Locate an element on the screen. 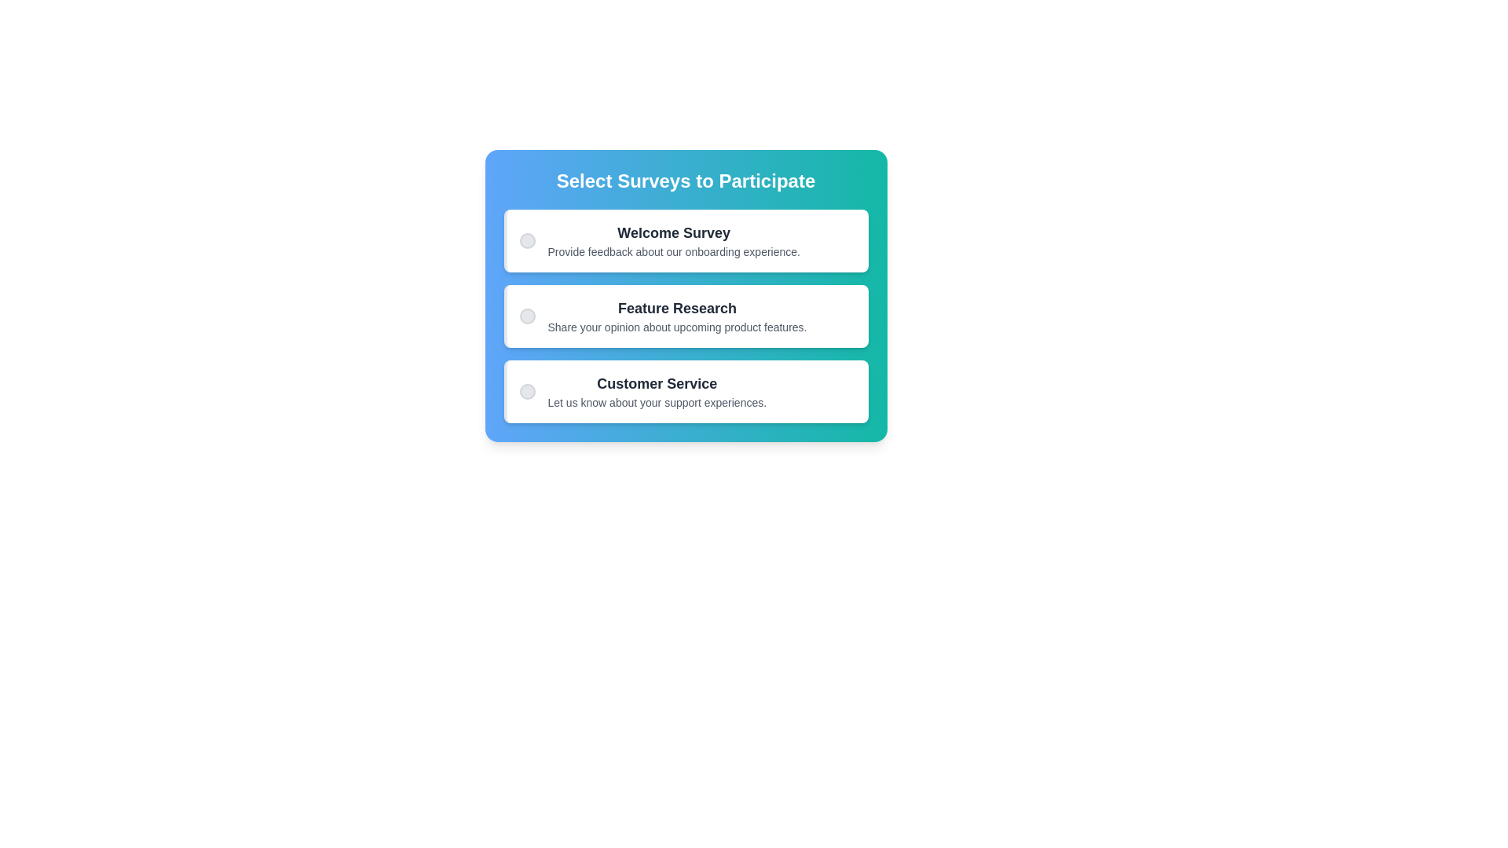 This screenshot has width=1508, height=848. text from the Text block containing the title 'Feature Research' and the description 'Share your opinion about upcoming product features.' is located at coordinates (677, 316).